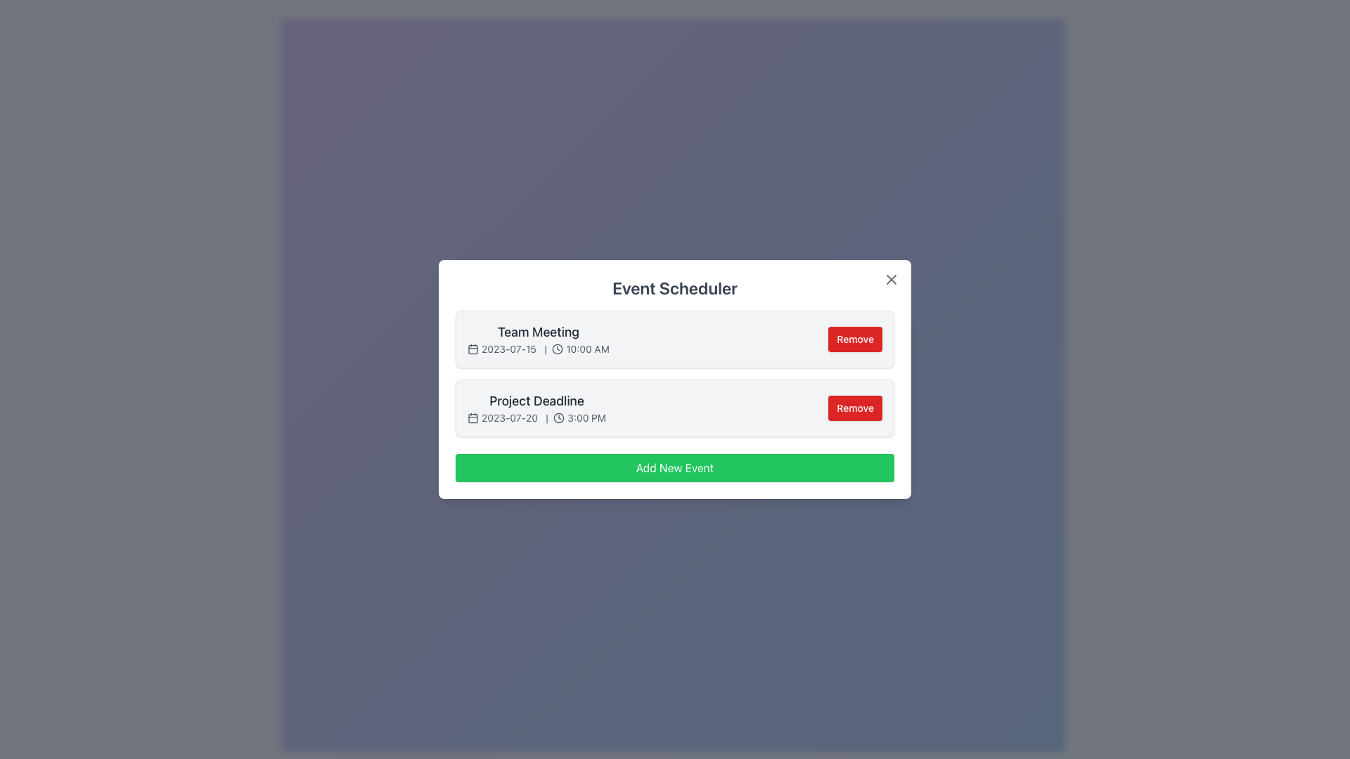 The width and height of the screenshot is (1350, 759). I want to click on the button located to the right of 'Team Meeting', so click(854, 339).